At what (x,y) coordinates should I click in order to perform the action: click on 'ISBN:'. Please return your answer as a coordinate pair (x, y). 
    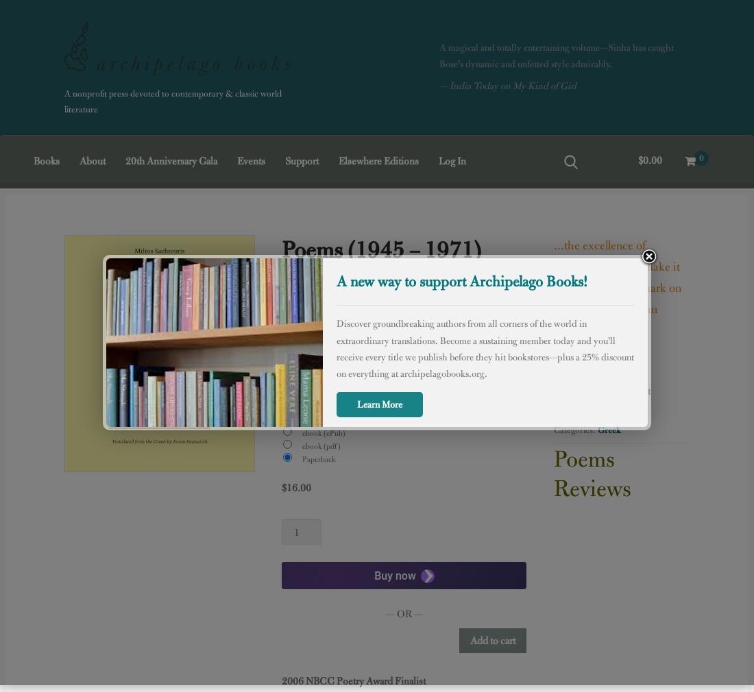
    Looking at the image, I should click on (293, 382).